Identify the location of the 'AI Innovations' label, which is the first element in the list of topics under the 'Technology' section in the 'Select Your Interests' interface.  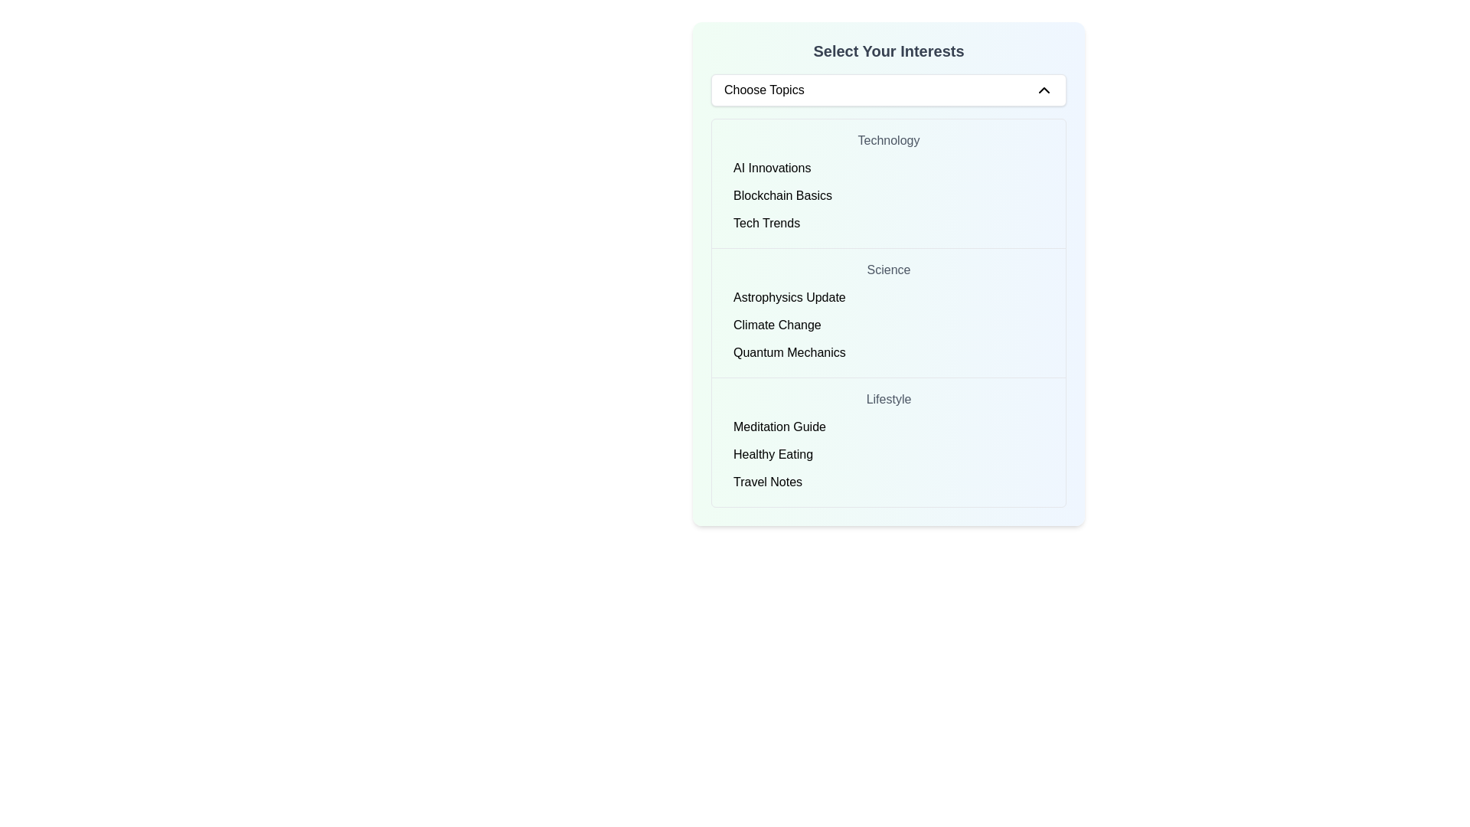
(772, 168).